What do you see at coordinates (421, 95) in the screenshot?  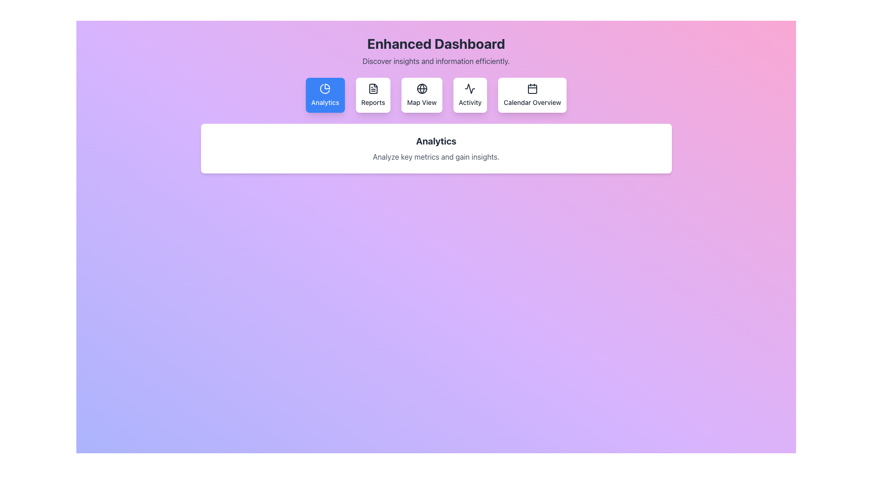 I see `the 'Map View' button, which is the third button in a row of five, located between 'Reports' and 'Activity'` at bounding box center [421, 95].